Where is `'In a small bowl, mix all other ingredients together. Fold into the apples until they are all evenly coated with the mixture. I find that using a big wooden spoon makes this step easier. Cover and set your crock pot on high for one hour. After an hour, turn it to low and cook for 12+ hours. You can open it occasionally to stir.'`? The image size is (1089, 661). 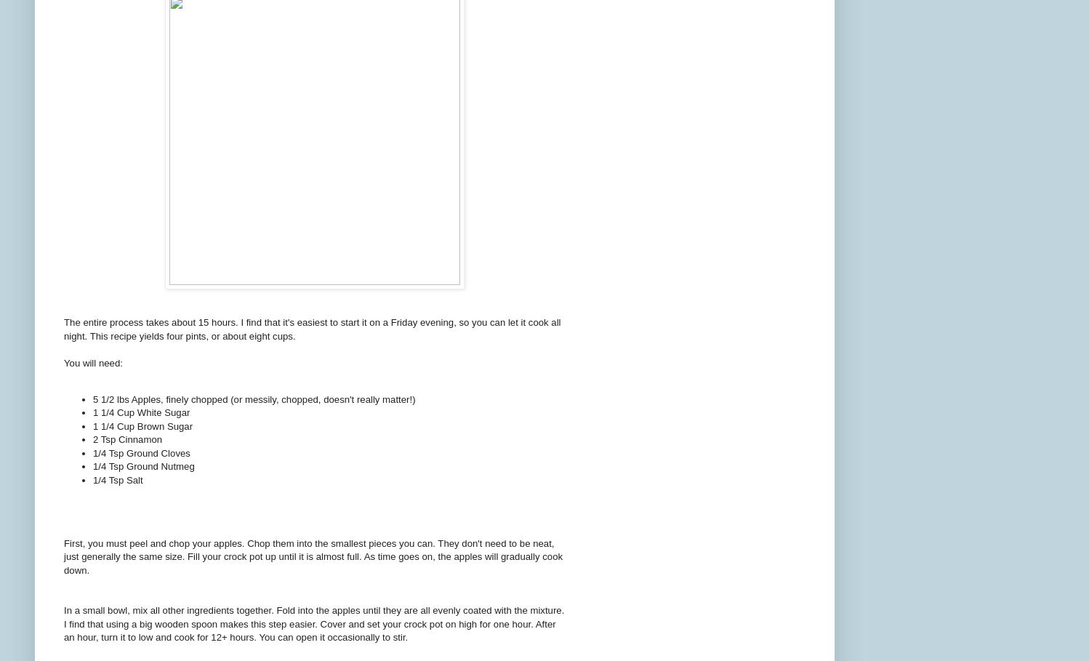 'In a small bowl, mix all other ingredients together. Fold into the apples until they are all evenly coated with the mixture. I find that using a big wooden spoon makes this step easier. Cover and set your crock pot on high for one hour. After an hour, turn it to low and cook for 12+ hours. You can open it occasionally to stir.' is located at coordinates (314, 623).